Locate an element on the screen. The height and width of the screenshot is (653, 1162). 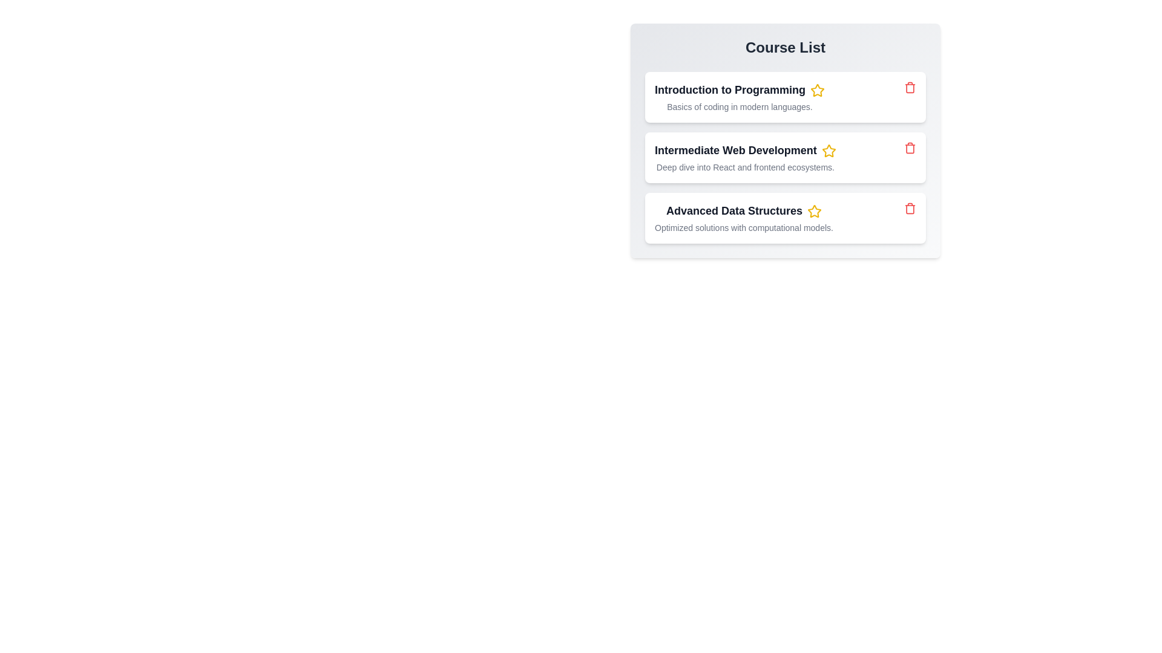
the star icon for the course Intermediate Web Development is located at coordinates (827, 151).